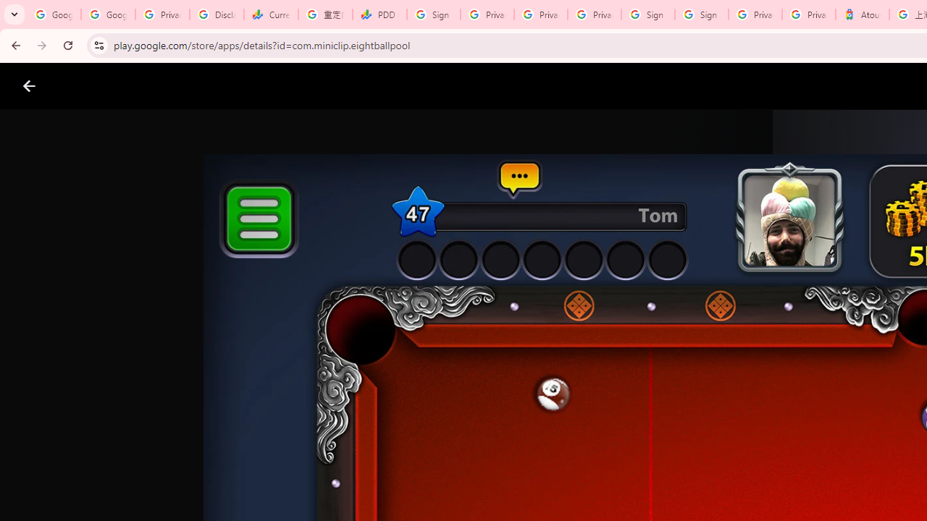 The image size is (927, 521). What do you see at coordinates (28, 86) in the screenshot?
I see `'Close screenshot viewer'` at bounding box center [28, 86].